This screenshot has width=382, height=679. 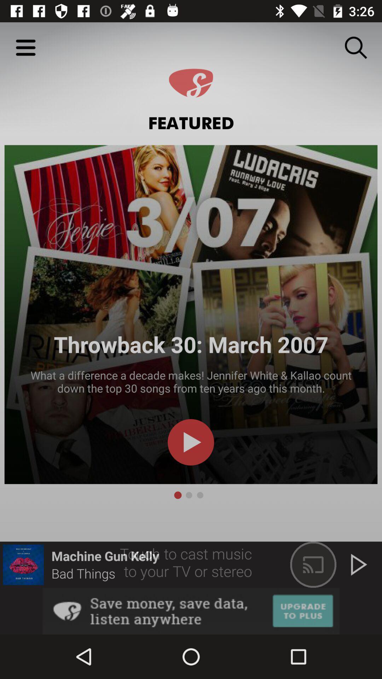 I want to click on see an image, so click(x=191, y=611).